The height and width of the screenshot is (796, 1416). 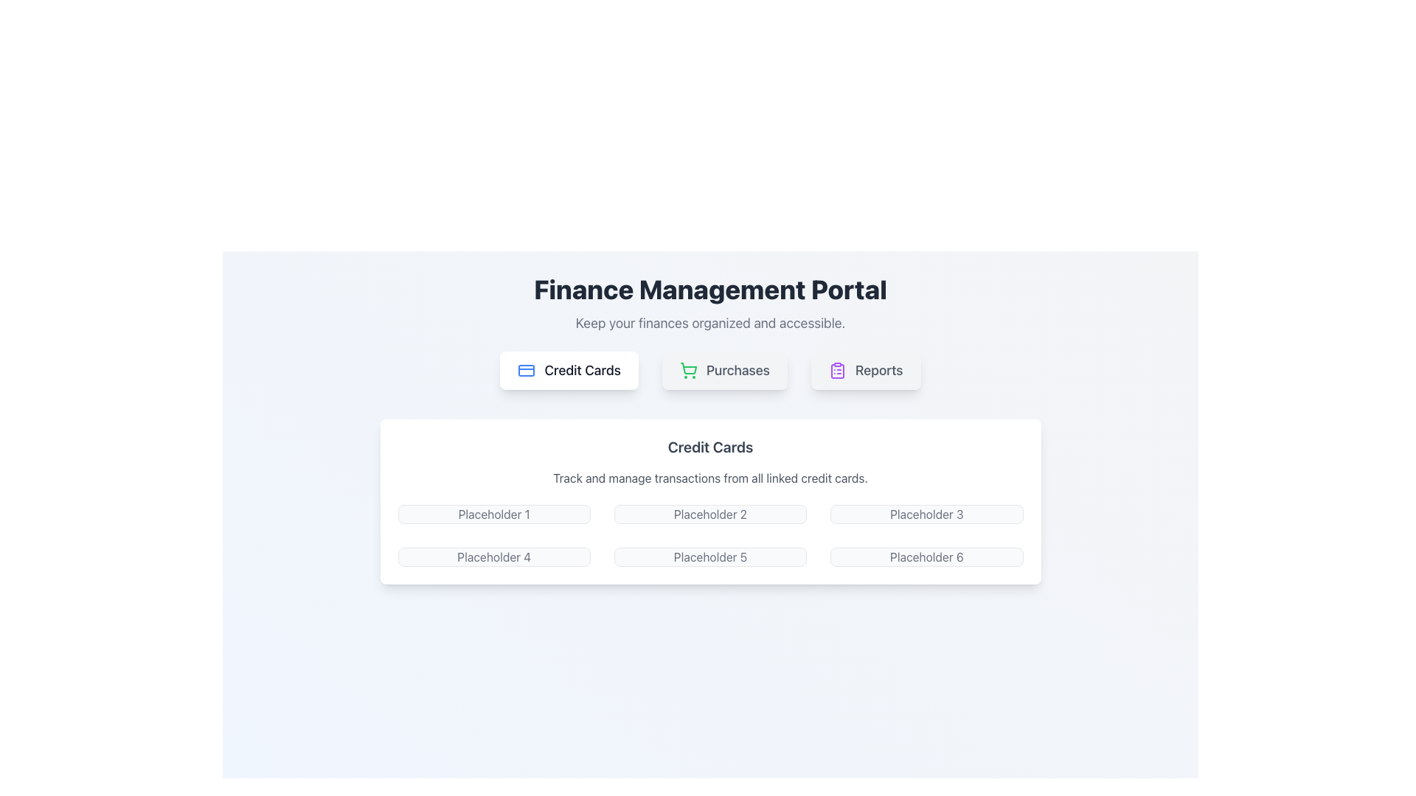 I want to click on the 'Credit Cards' button by clicking on the central graphical component of the SVG that represents it, so click(x=527, y=369).